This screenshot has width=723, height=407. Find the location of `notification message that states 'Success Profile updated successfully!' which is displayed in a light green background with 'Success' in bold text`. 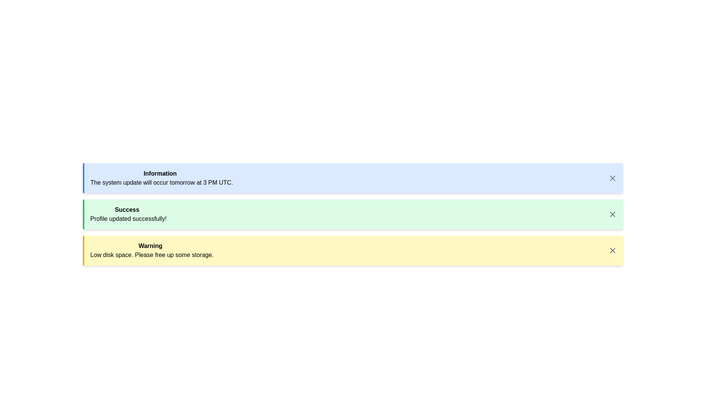

notification message that states 'Success Profile updated successfully!' which is displayed in a light green background with 'Success' in bold text is located at coordinates (128, 214).